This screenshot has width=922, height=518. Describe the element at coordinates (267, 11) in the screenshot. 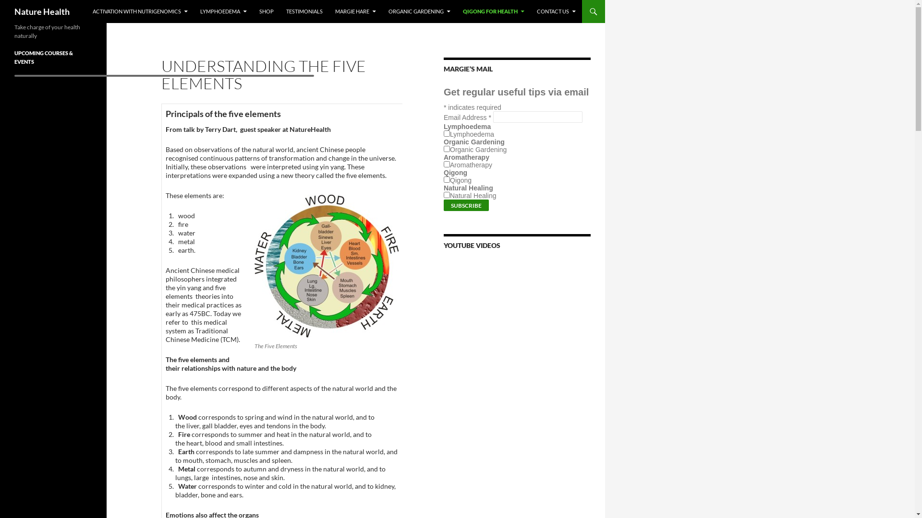

I see `'SHOP'` at that location.